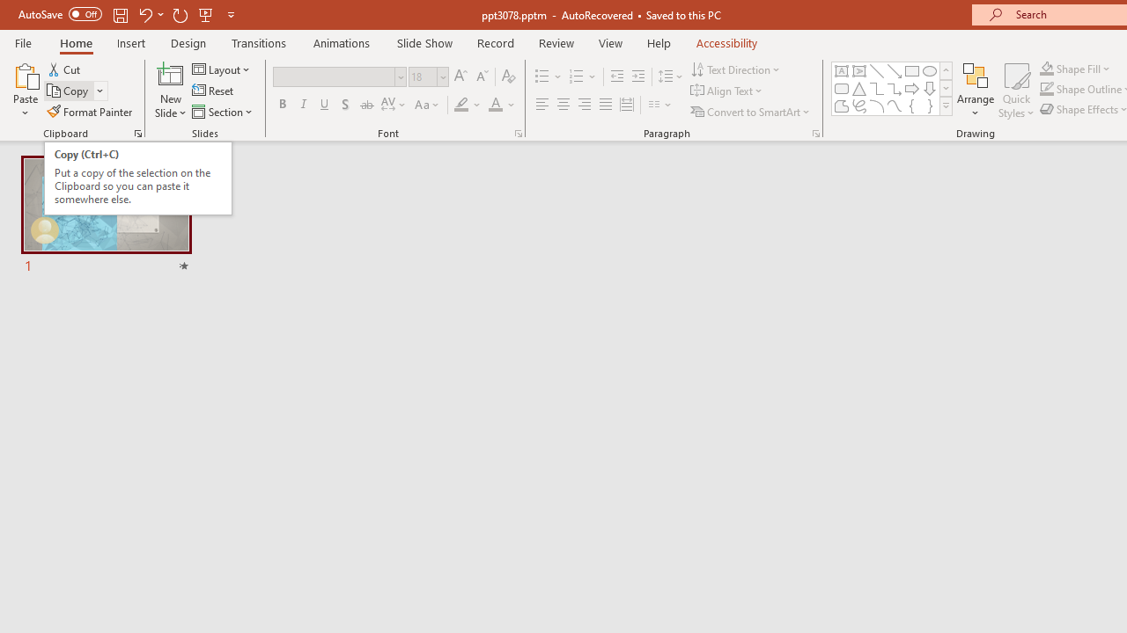 The image size is (1127, 633). What do you see at coordinates (468, 105) in the screenshot?
I see `'Text Highlight Color'` at bounding box center [468, 105].